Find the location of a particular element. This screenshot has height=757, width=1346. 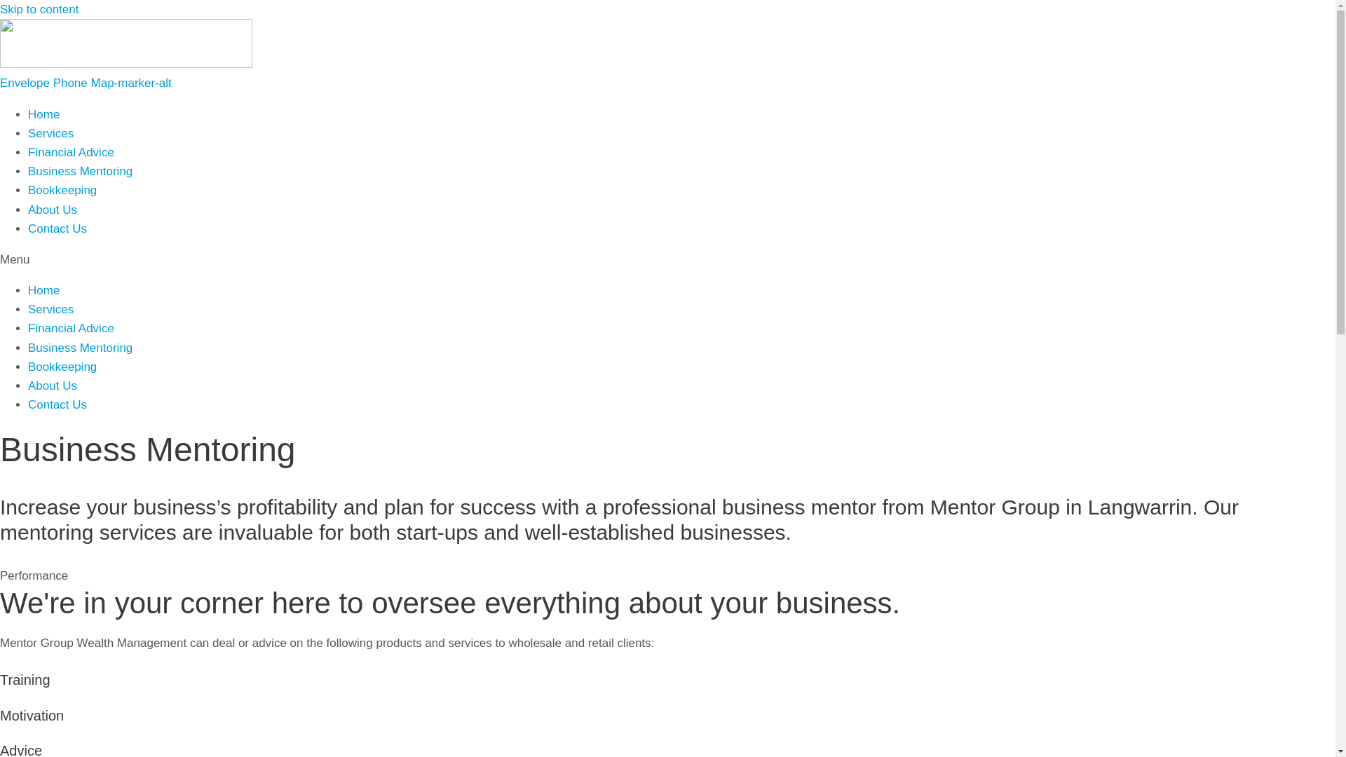

'Services' is located at coordinates (50, 308).